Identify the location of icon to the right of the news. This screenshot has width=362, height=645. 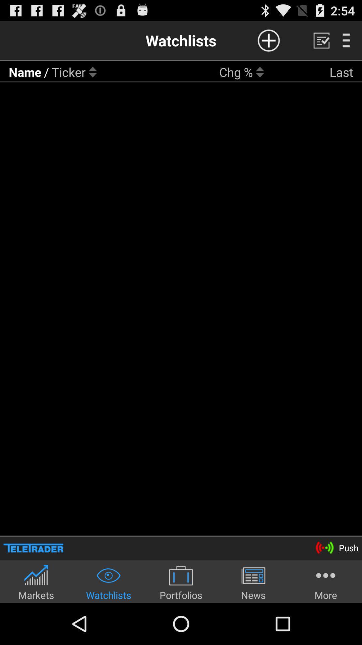
(325, 582).